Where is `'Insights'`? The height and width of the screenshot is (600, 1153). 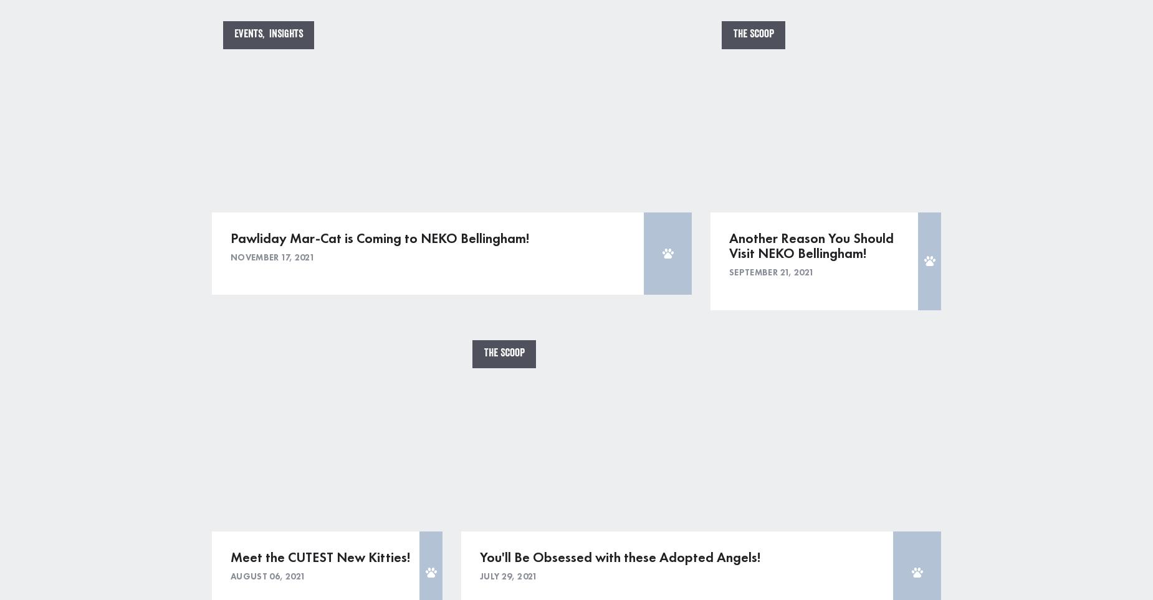
'Insights' is located at coordinates (285, 34).